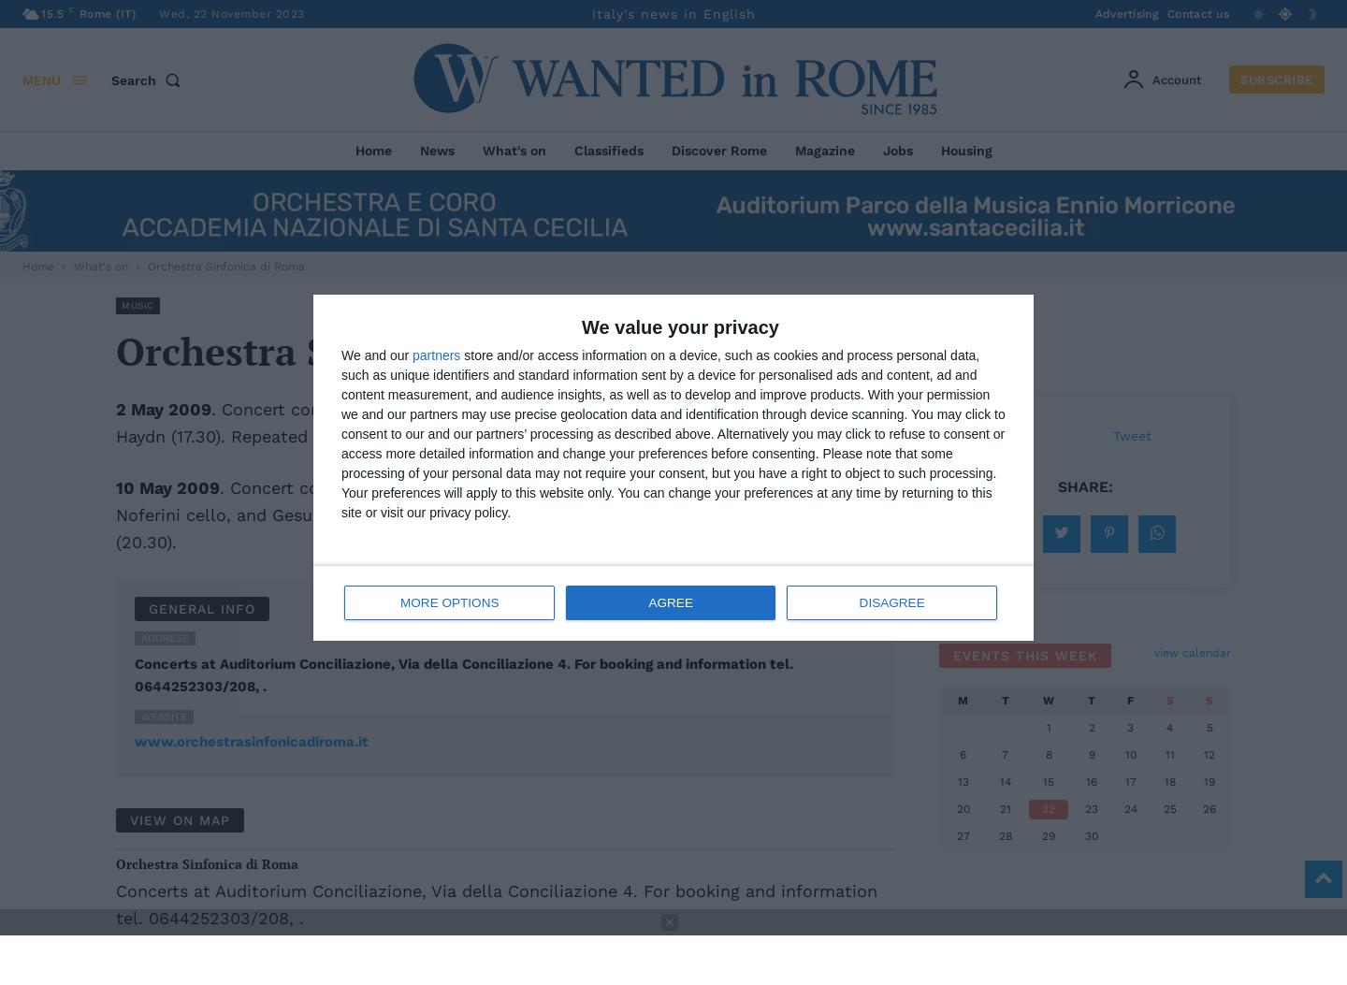  I want to click on '22', so click(1048, 807).